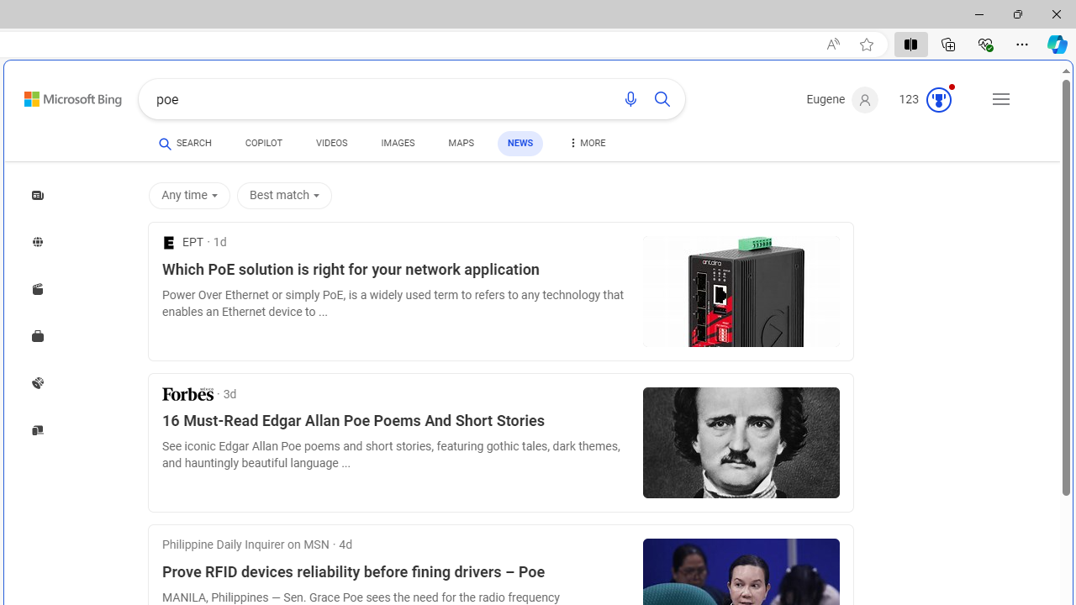 Image resolution: width=1076 pixels, height=605 pixels. Describe the element at coordinates (397, 143) in the screenshot. I see `'IMAGES'` at that location.